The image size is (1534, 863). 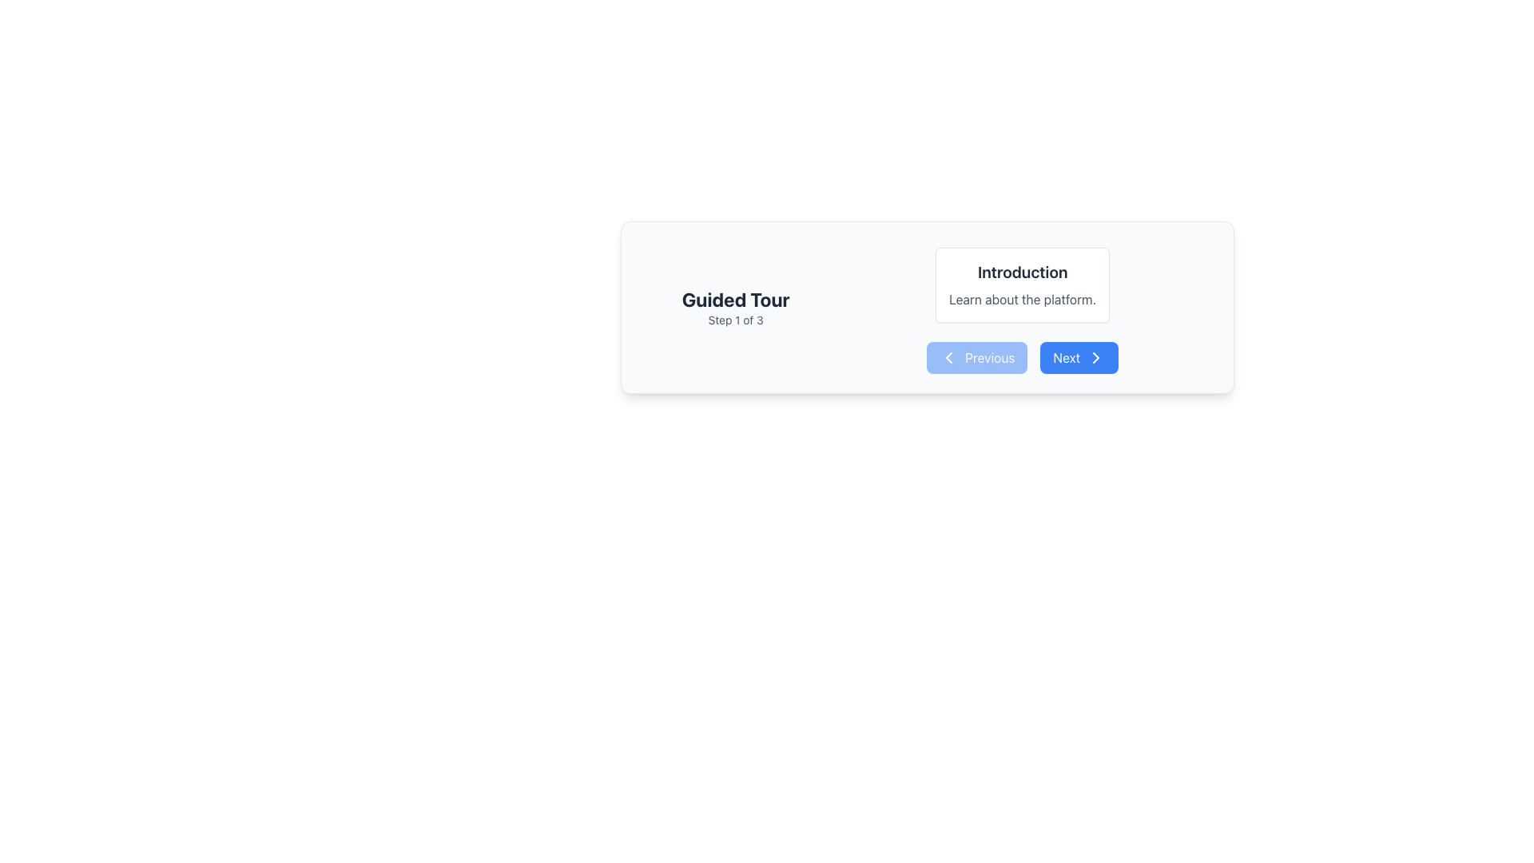 What do you see at coordinates (1023, 284) in the screenshot?
I see `the Informational Card that displays 'Introduction' in bold and 'Learn about the platform.' in smaller text` at bounding box center [1023, 284].